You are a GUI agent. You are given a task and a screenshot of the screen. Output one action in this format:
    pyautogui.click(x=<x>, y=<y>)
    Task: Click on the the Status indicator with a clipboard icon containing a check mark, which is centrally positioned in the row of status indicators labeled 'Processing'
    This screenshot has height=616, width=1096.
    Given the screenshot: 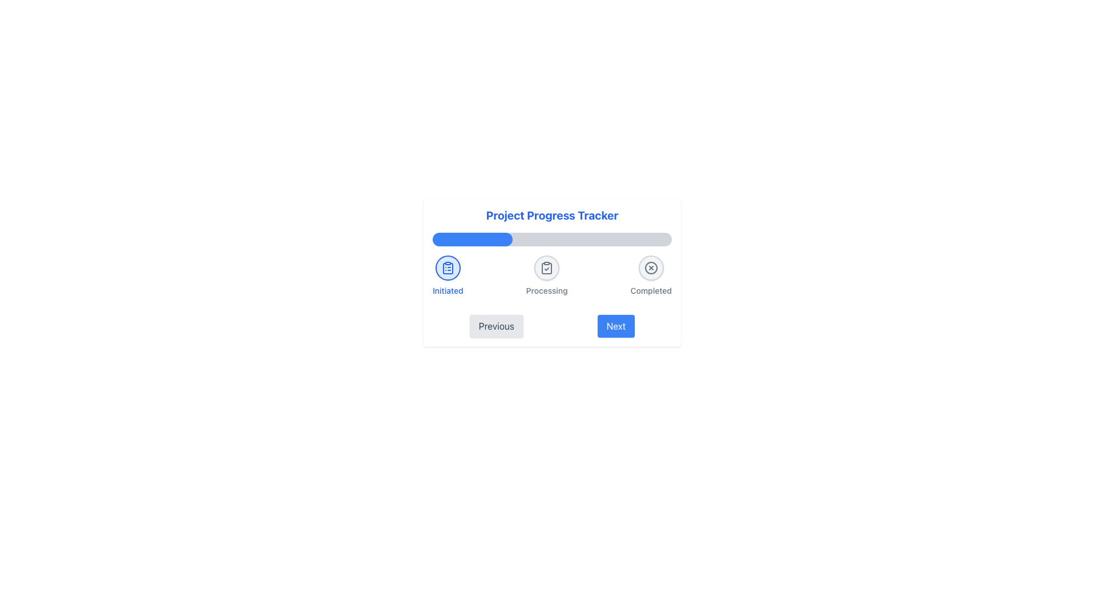 What is the action you would take?
    pyautogui.click(x=546, y=268)
    